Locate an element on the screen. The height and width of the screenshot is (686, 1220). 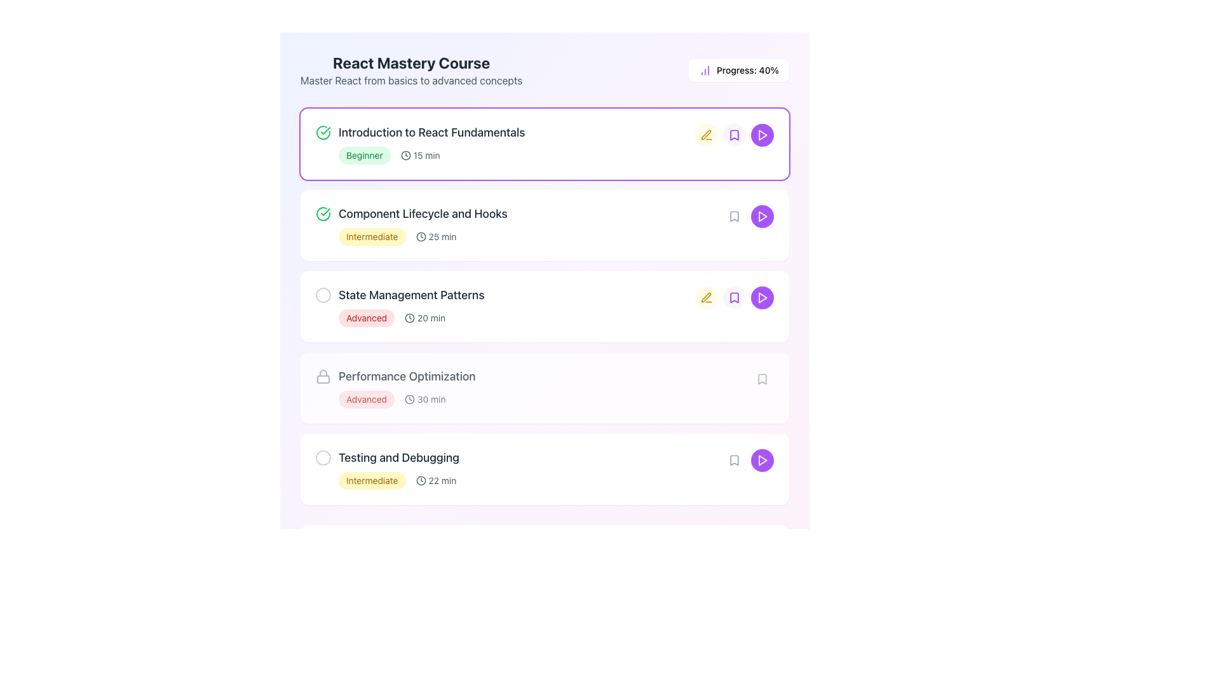
progress percentage displayed in the text element located near the top right corner of its section, adjacent to the purple chart icon is located at coordinates (738, 71).